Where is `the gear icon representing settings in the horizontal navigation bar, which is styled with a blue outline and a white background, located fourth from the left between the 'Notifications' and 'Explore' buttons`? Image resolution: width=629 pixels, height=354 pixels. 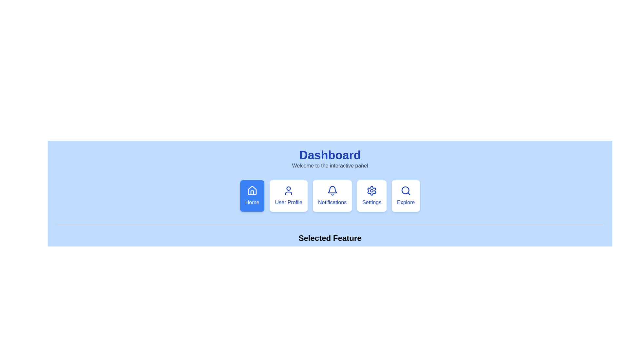
the gear icon representing settings in the horizontal navigation bar, which is styled with a blue outline and a white background, located fourth from the left between the 'Notifications' and 'Explore' buttons is located at coordinates (372, 191).